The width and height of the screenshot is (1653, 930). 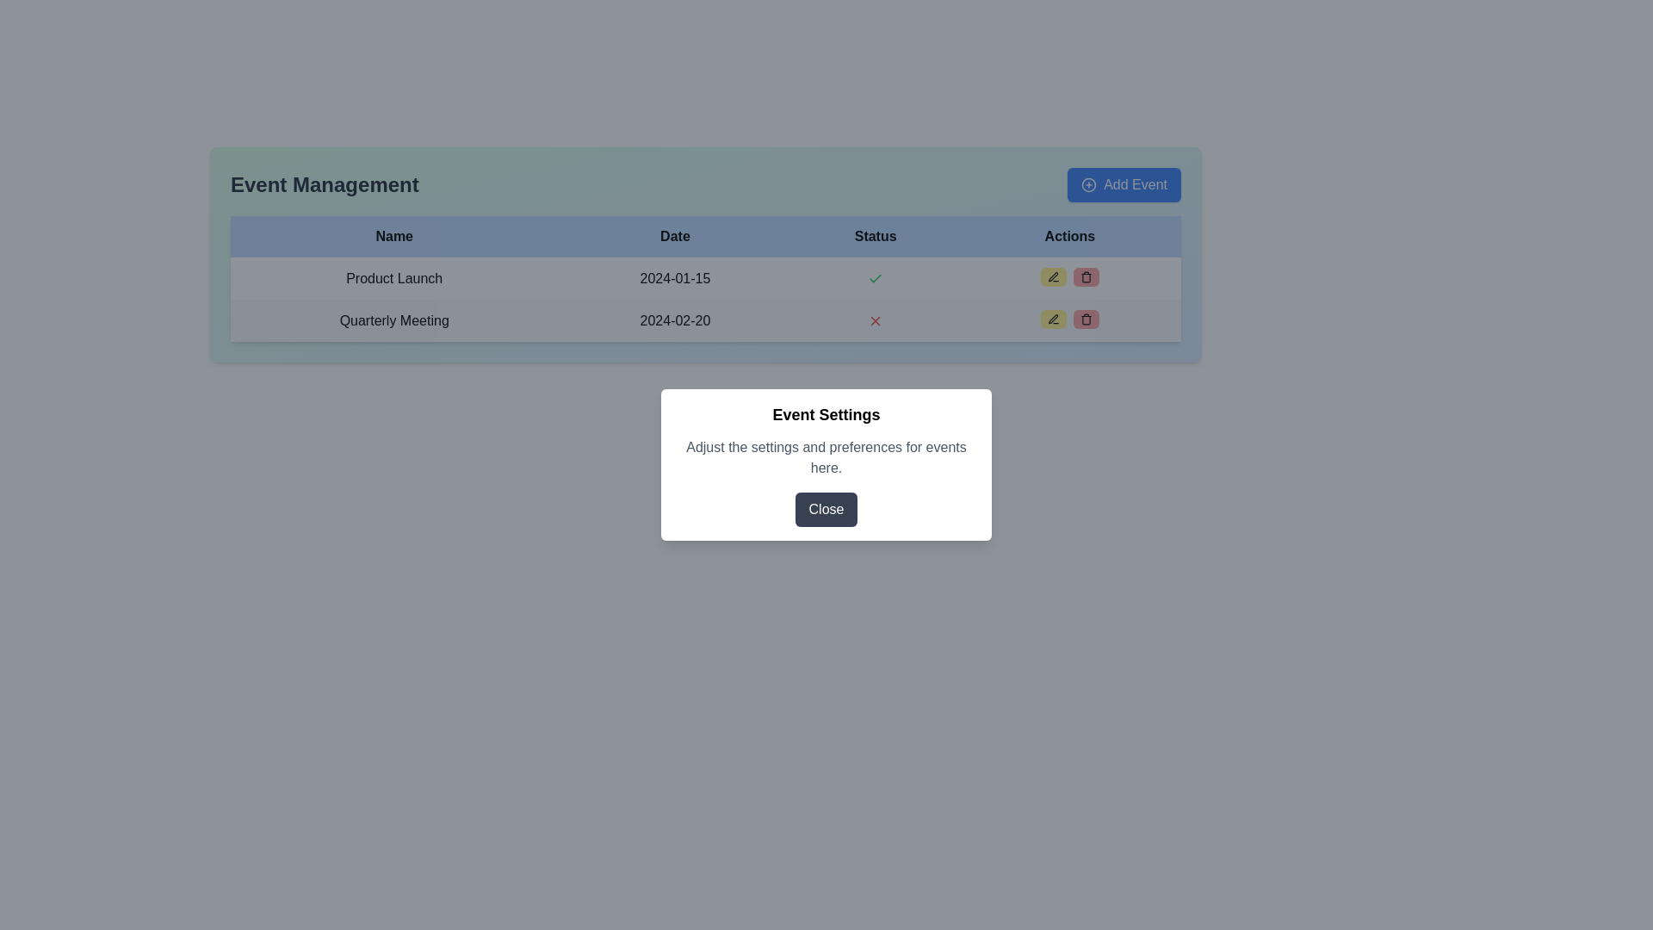 I want to click on the 'Close' button which has a dark gray background and white text, located at the bottom center of the 'Event Settings' modal to change its appearance, so click(x=826, y=508).